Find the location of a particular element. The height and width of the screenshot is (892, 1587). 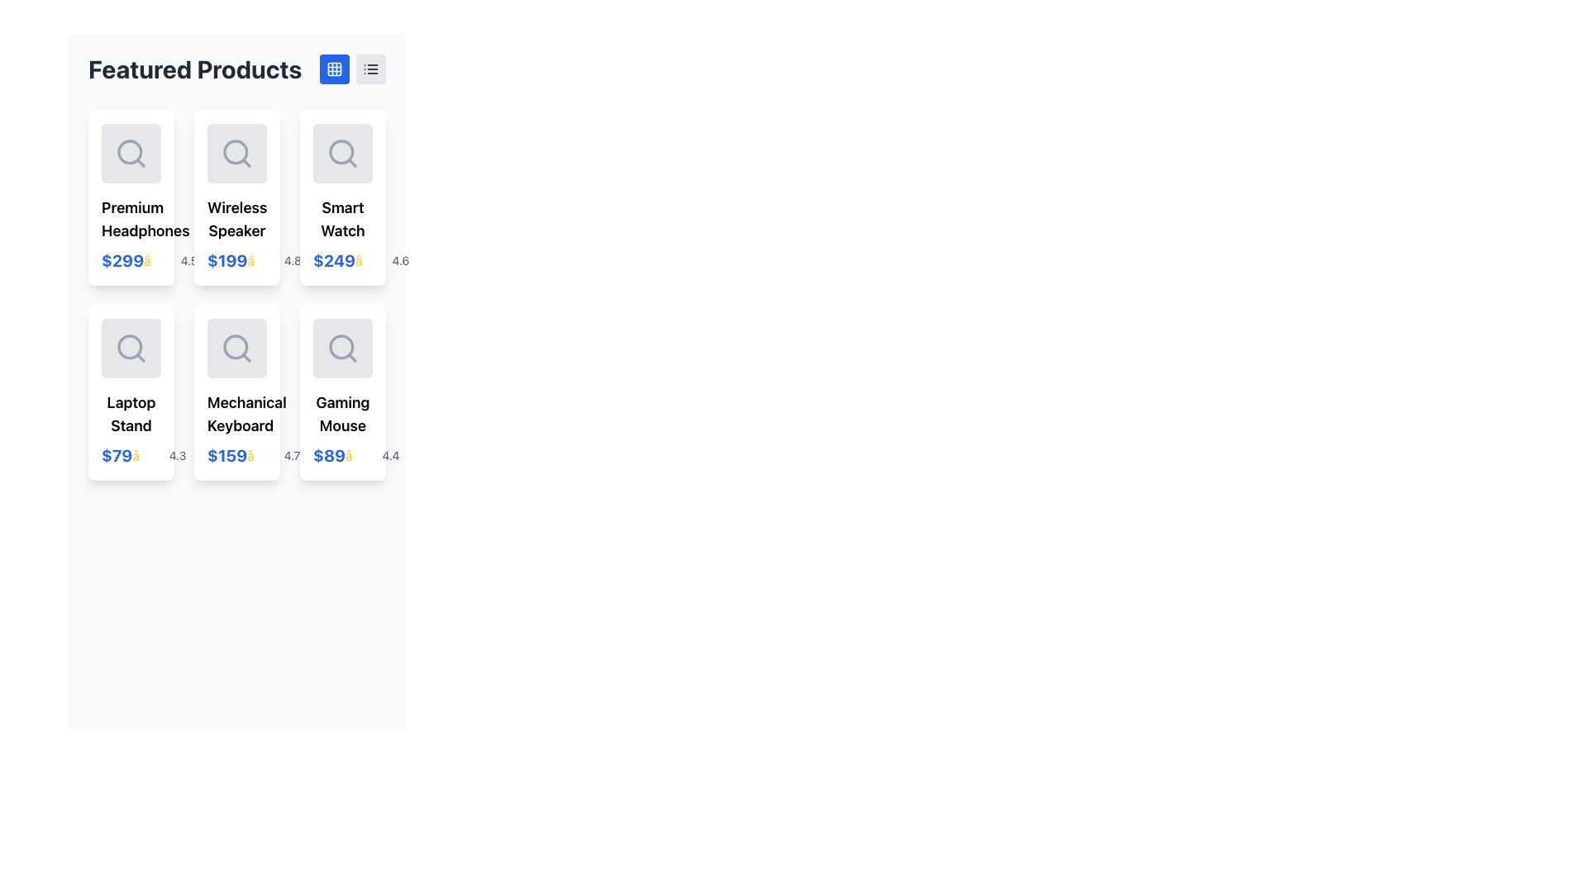

the button located at the upper-right corner of the main section, which toggles a list view layout for displayed items is located at coordinates (370, 69).